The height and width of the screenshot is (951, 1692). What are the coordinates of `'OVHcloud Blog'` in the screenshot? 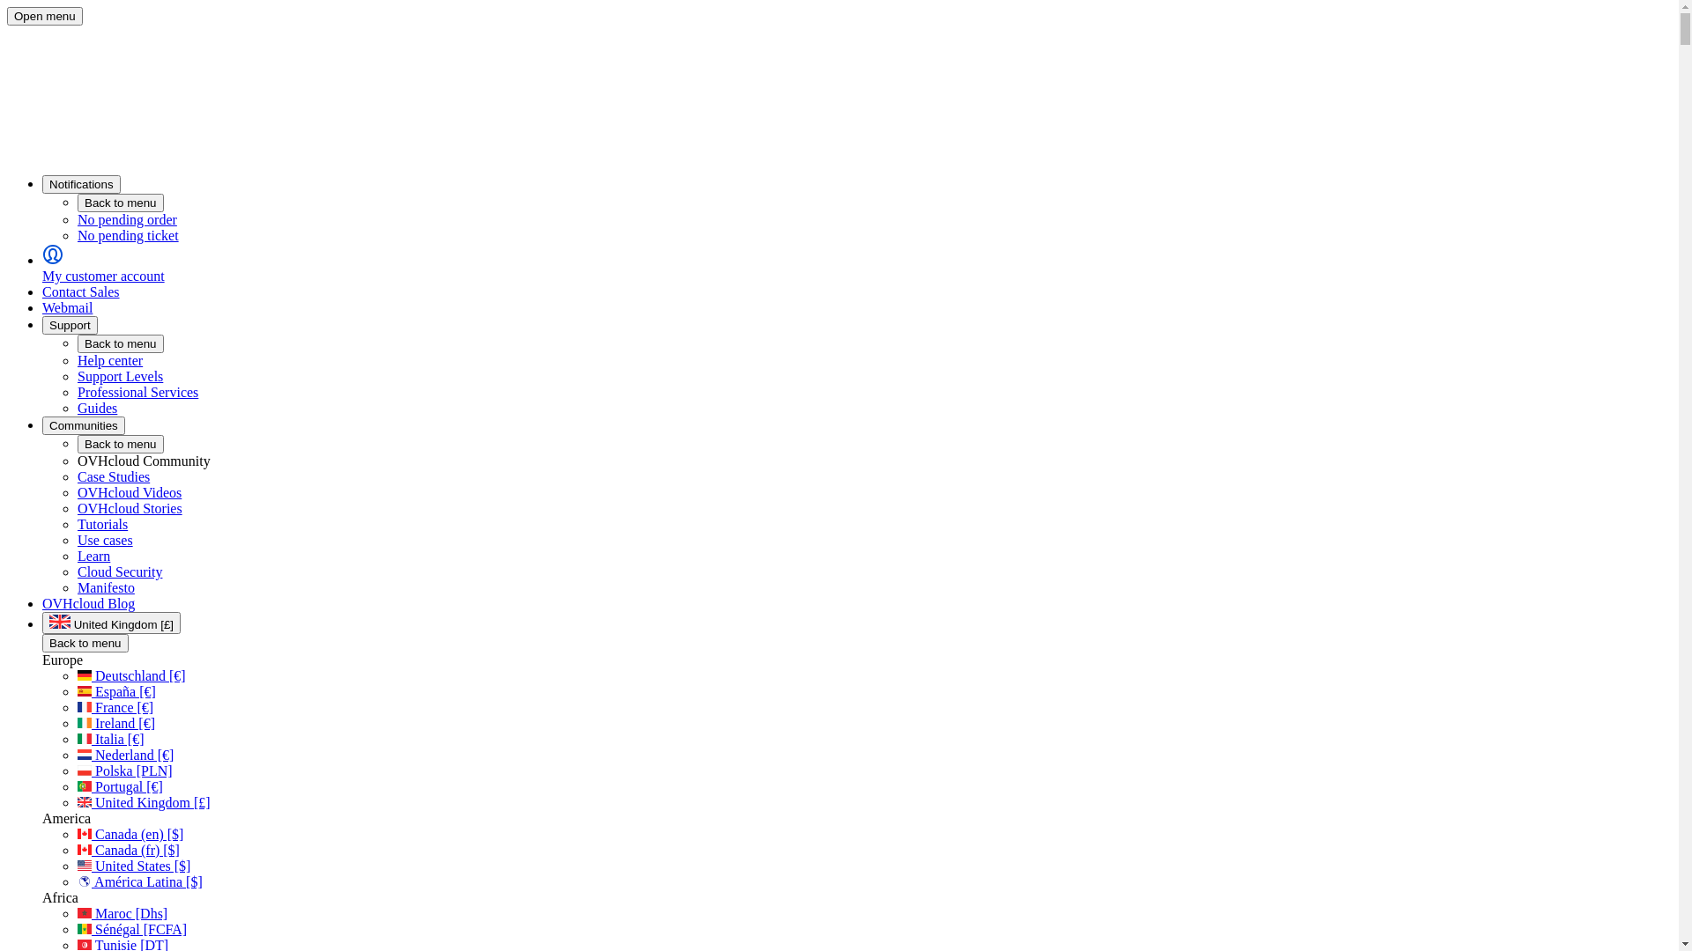 It's located at (42, 602).